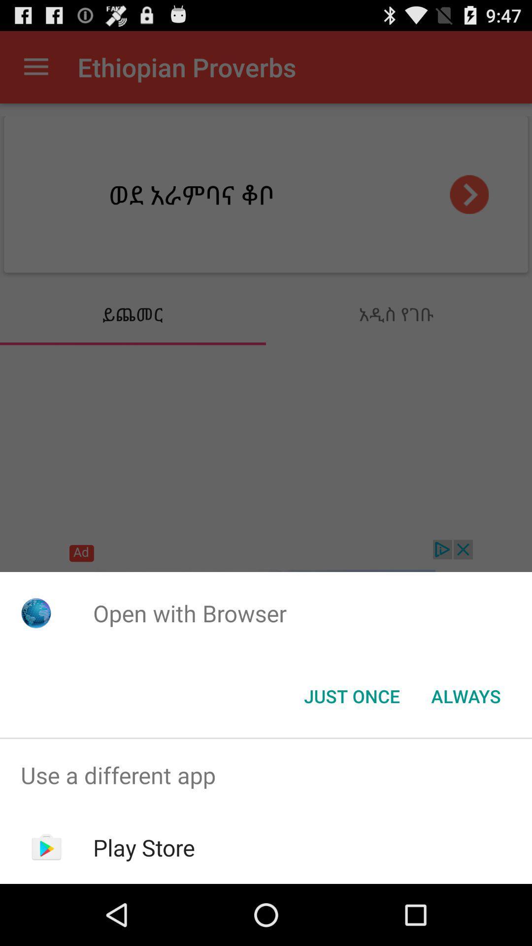 Image resolution: width=532 pixels, height=946 pixels. What do you see at coordinates (144, 847) in the screenshot?
I see `play store` at bounding box center [144, 847].